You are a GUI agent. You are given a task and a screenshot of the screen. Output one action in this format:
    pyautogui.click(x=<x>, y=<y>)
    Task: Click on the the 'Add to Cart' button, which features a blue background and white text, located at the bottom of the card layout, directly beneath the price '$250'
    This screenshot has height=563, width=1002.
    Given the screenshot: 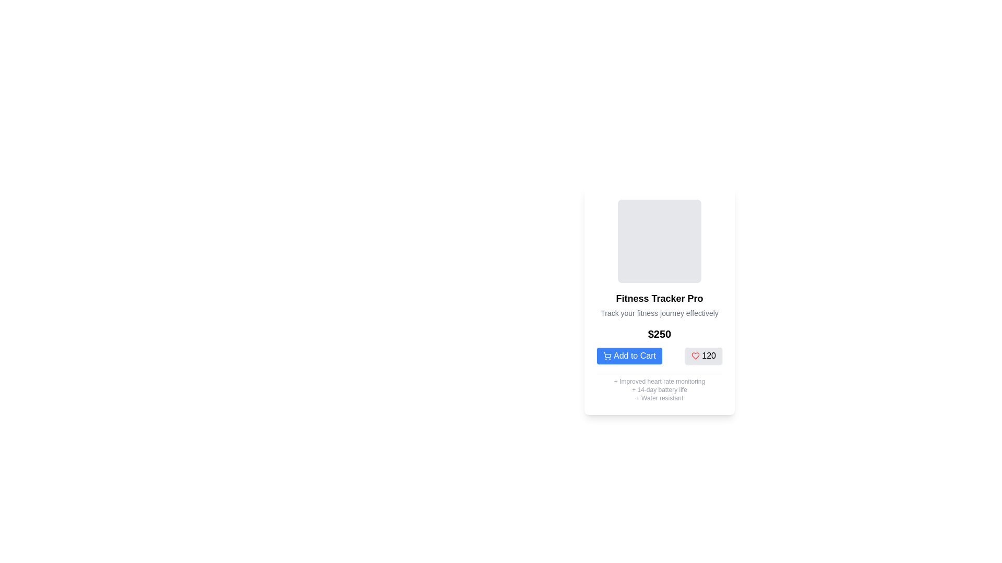 What is the action you would take?
    pyautogui.click(x=659, y=355)
    